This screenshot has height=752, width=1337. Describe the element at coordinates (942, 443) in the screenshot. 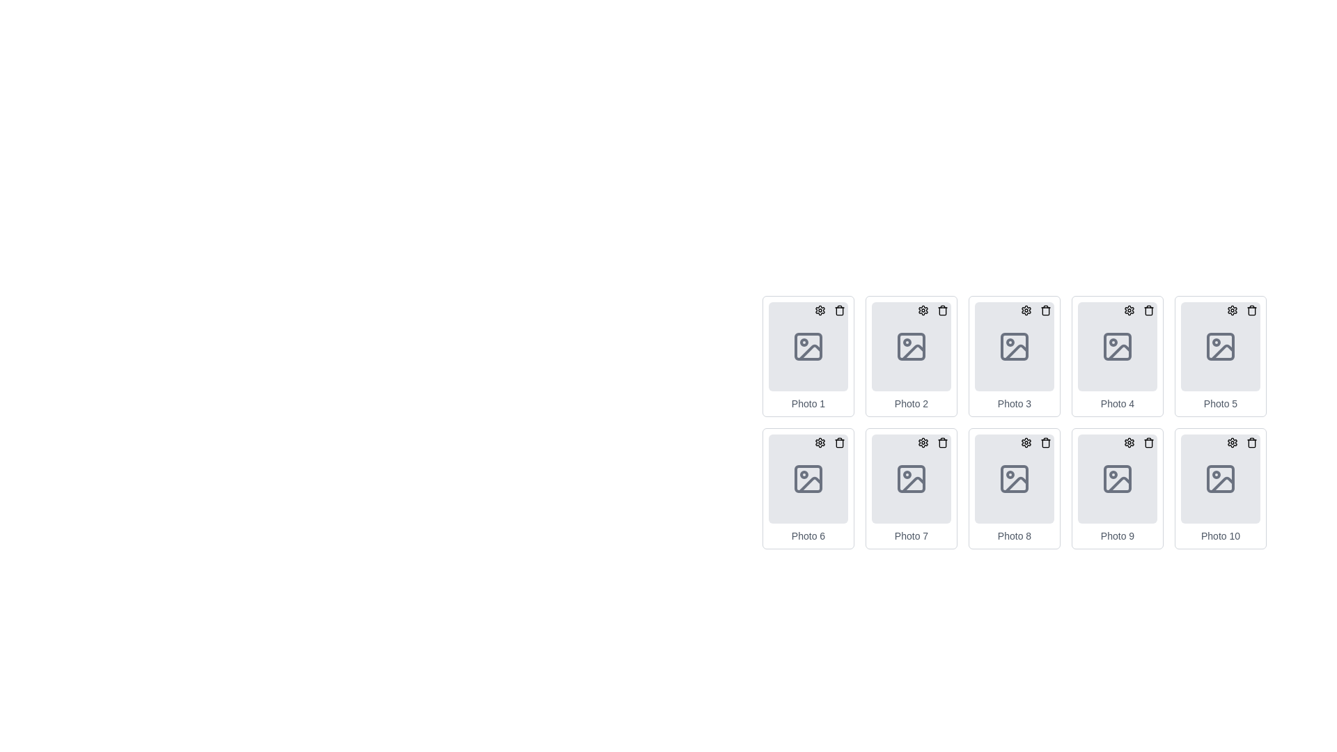

I see `the delete icon located in the top-right corner of the seventh image item in the grid` at that location.